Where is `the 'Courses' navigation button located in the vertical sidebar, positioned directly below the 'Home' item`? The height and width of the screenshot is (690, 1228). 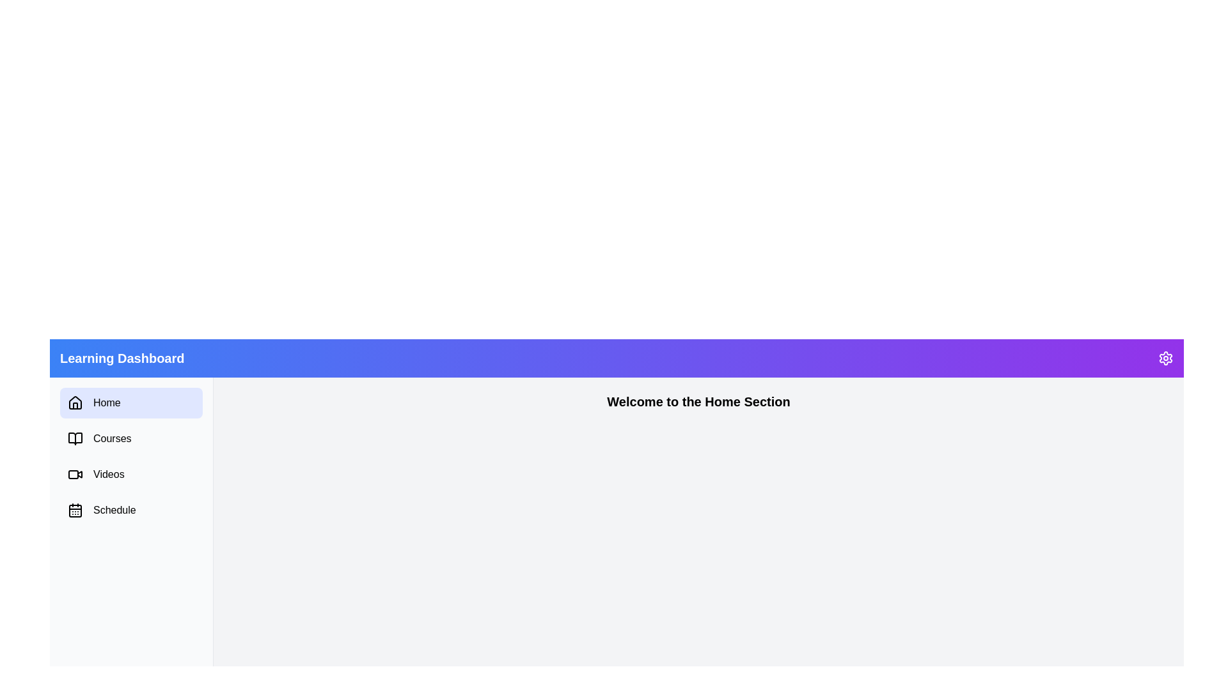
the 'Courses' navigation button located in the vertical sidebar, positioned directly below the 'Home' item is located at coordinates (131, 438).